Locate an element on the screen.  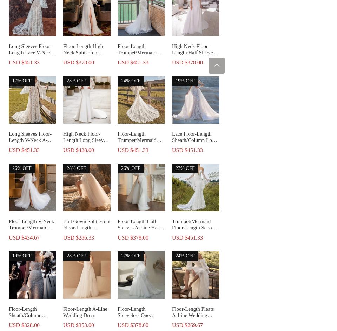
'Floor-Length Sleeveless One Shoulder Ball Gown Hall Wedding Dress' is located at coordinates (139, 318).